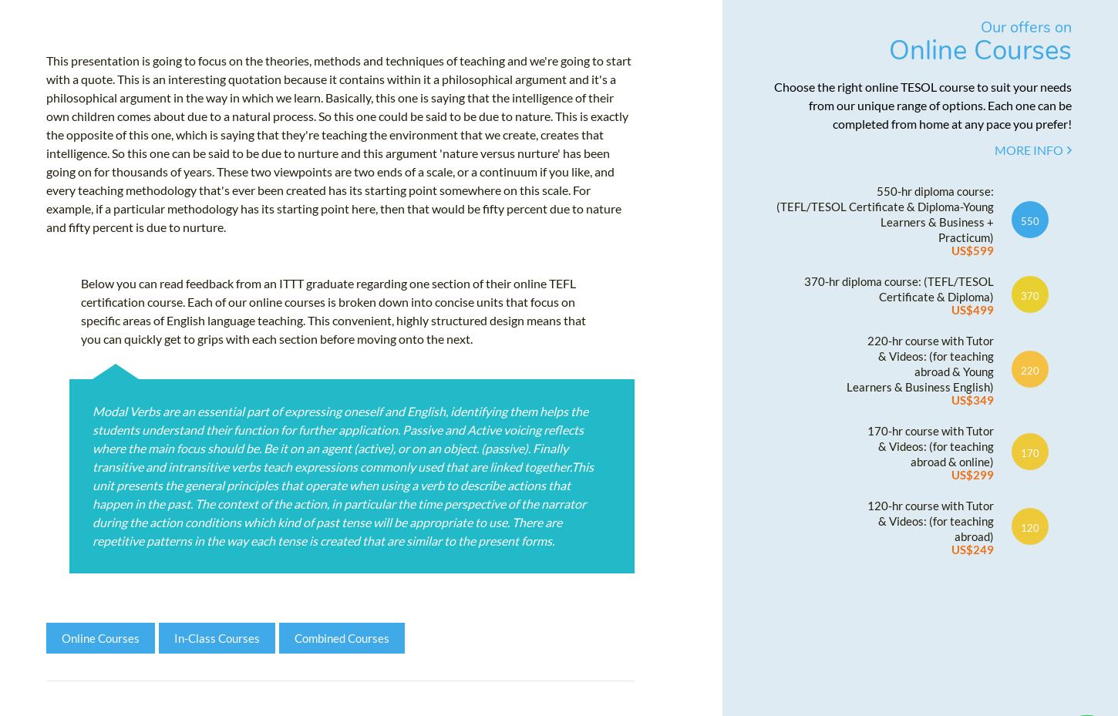  What do you see at coordinates (953, 377) in the screenshot?
I see `'abroad  & Young'` at bounding box center [953, 377].